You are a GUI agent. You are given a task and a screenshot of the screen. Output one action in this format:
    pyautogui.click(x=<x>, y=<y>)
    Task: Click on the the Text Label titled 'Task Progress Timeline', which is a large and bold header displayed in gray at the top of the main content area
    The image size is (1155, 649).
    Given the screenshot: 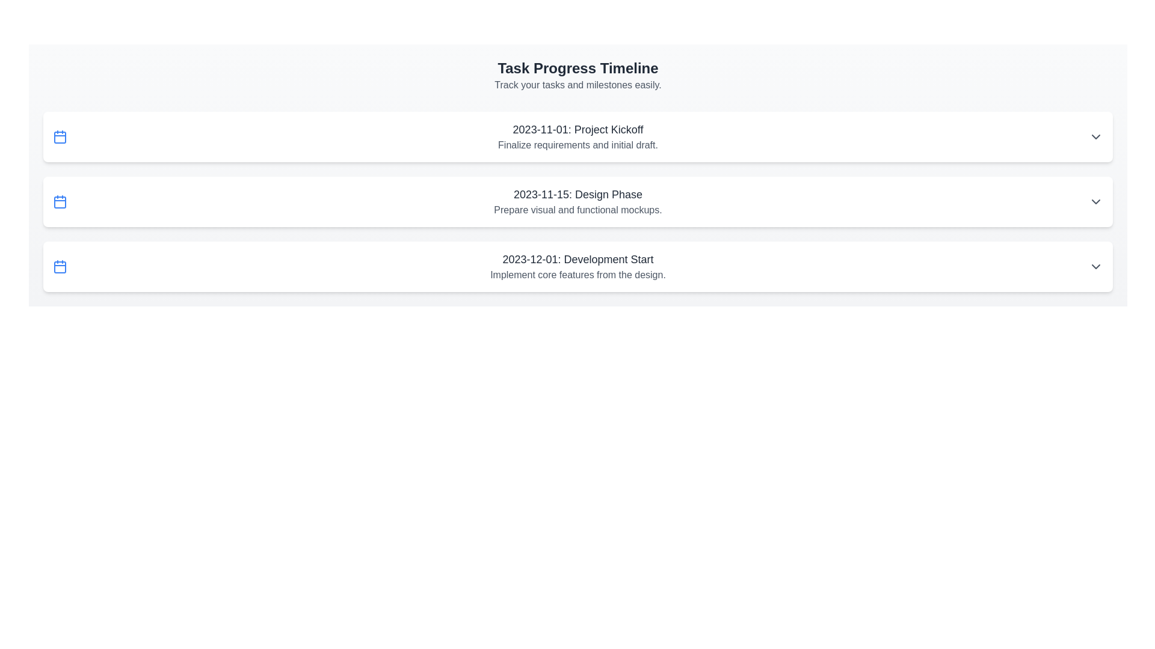 What is the action you would take?
    pyautogui.click(x=577, y=69)
    